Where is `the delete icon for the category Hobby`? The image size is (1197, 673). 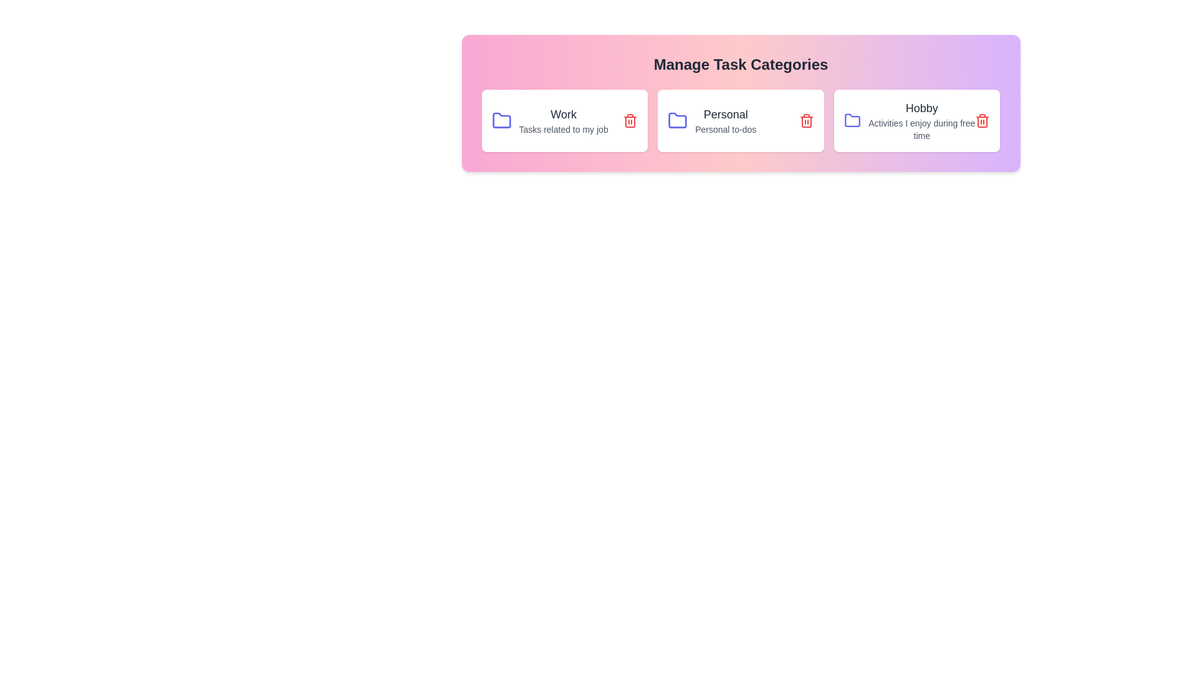 the delete icon for the category Hobby is located at coordinates (982, 120).